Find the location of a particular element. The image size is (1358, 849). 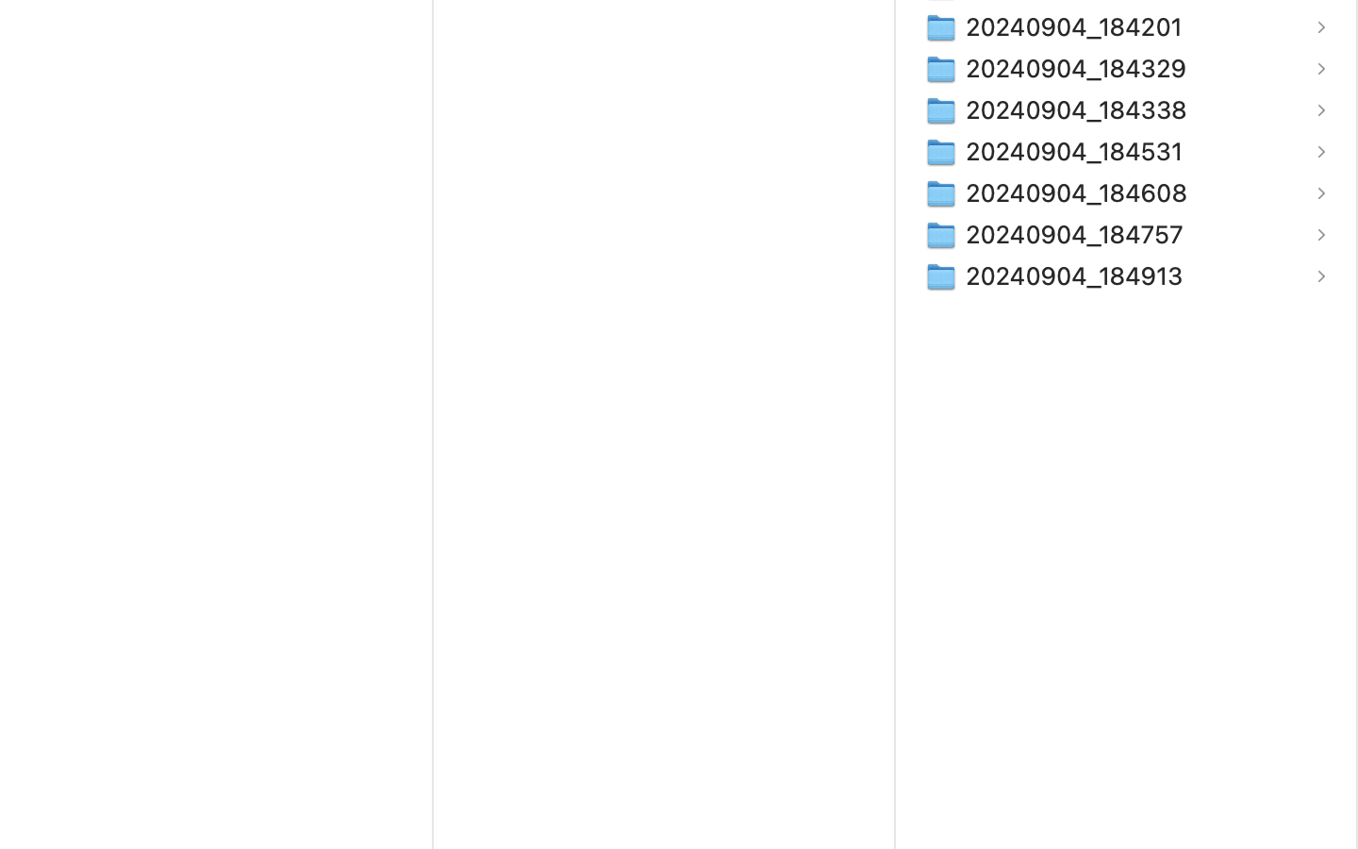

'20240904_184913' is located at coordinates (1078, 274).